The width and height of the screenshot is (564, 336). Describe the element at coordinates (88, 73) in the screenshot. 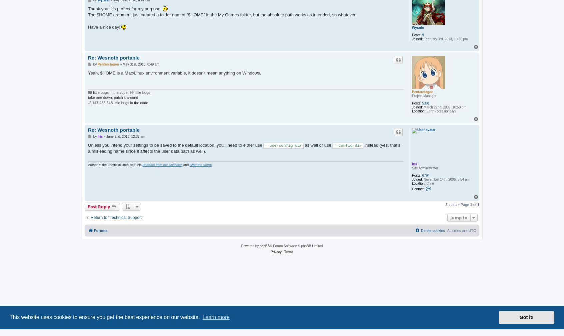

I see `'Yeah, $HOME is a Mac/Linux environment variable, it doesn't mean anything on Windows.'` at that location.